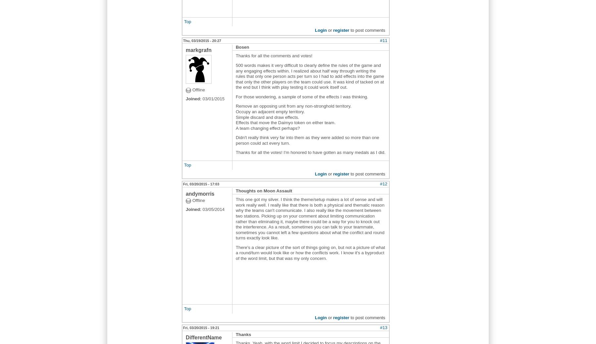  Describe the element at coordinates (242, 47) in the screenshot. I see `'Bosen'` at that location.